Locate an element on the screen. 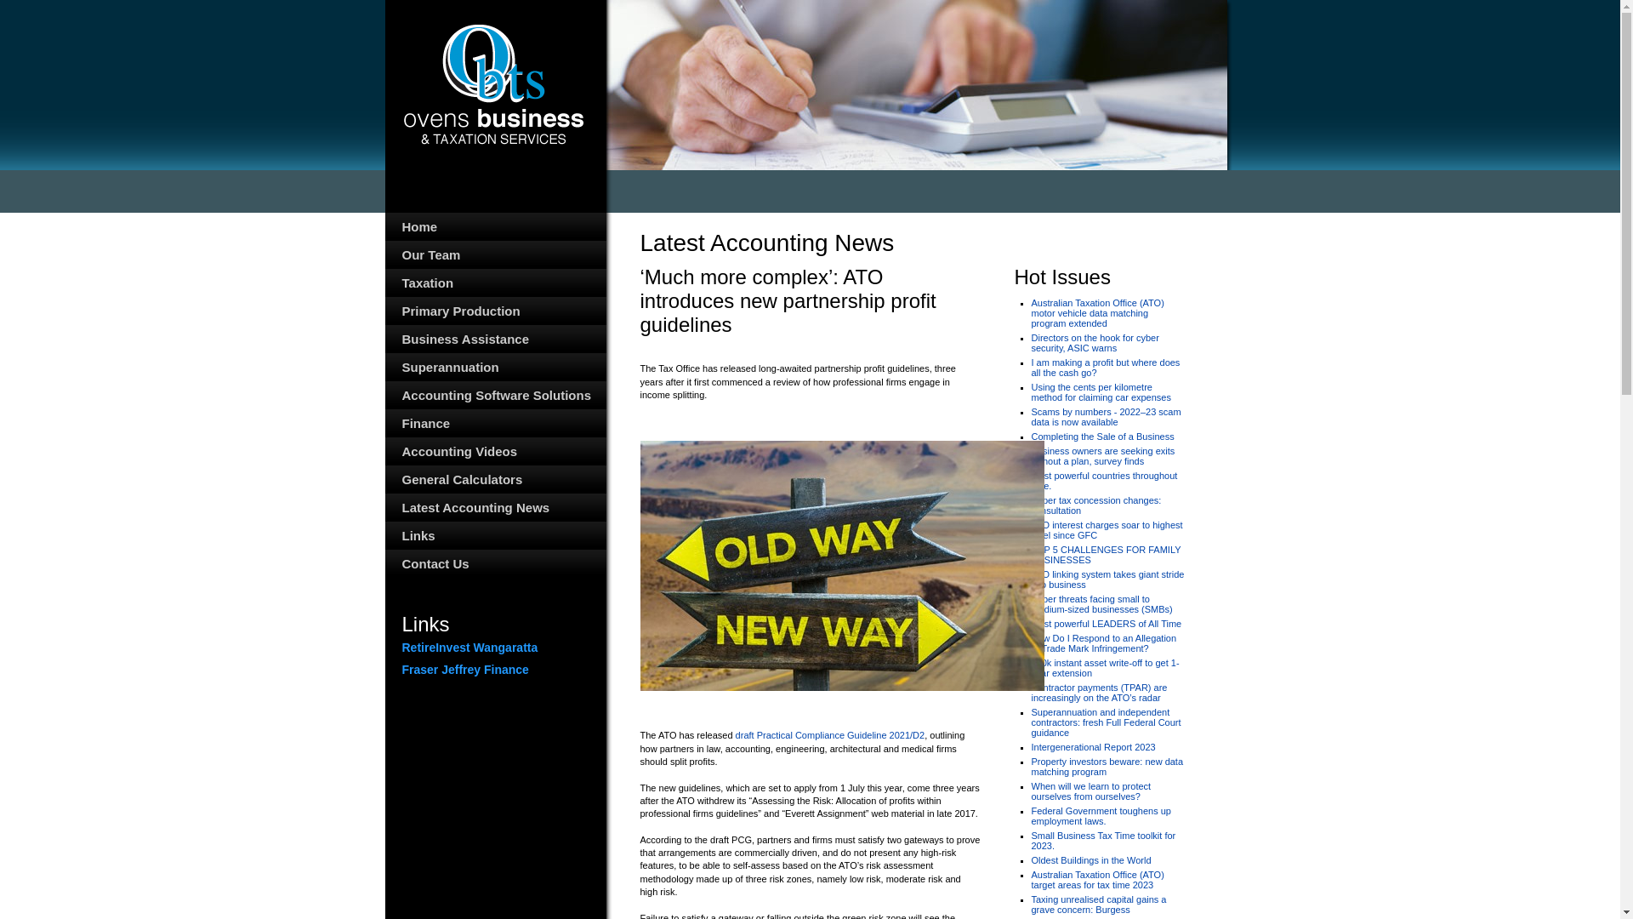  'RetireInvest Wangaratta' is located at coordinates (400, 647).